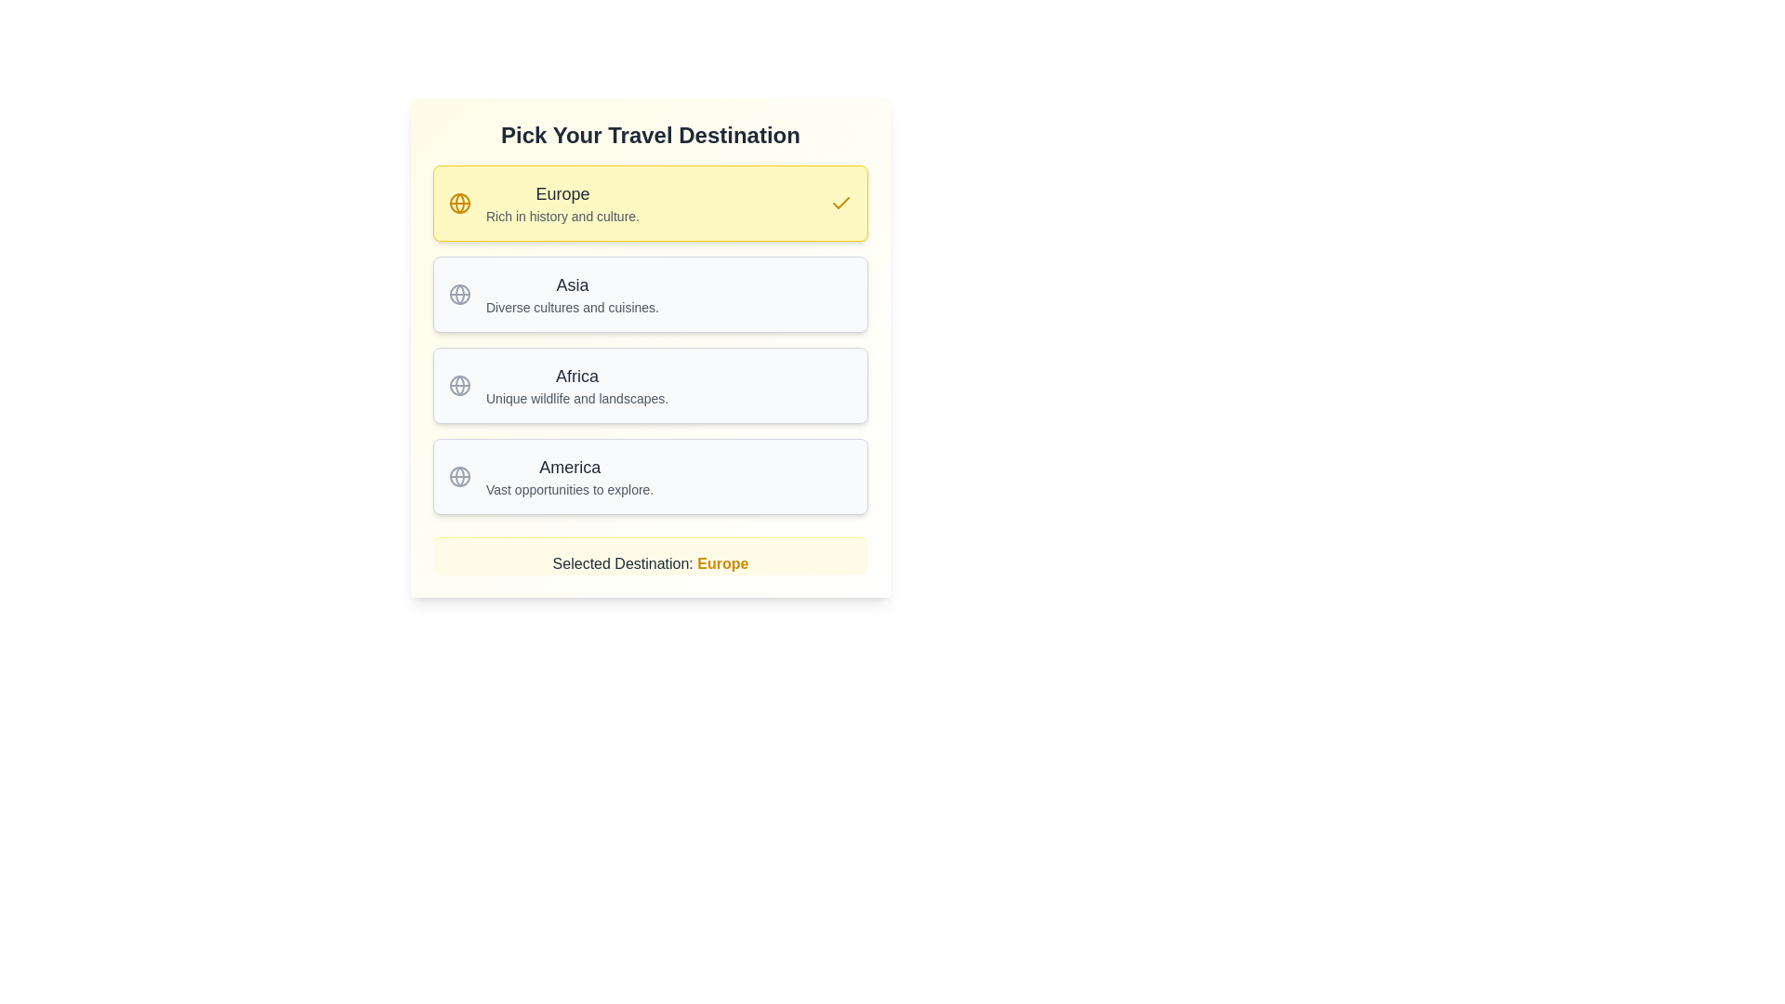 Image resolution: width=1785 pixels, height=1004 pixels. What do you see at coordinates (651, 340) in the screenshot?
I see `the list of selectable travel destinations located under the heading 'Pick Your Travel Destination' to set focus on it` at bounding box center [651, 340].